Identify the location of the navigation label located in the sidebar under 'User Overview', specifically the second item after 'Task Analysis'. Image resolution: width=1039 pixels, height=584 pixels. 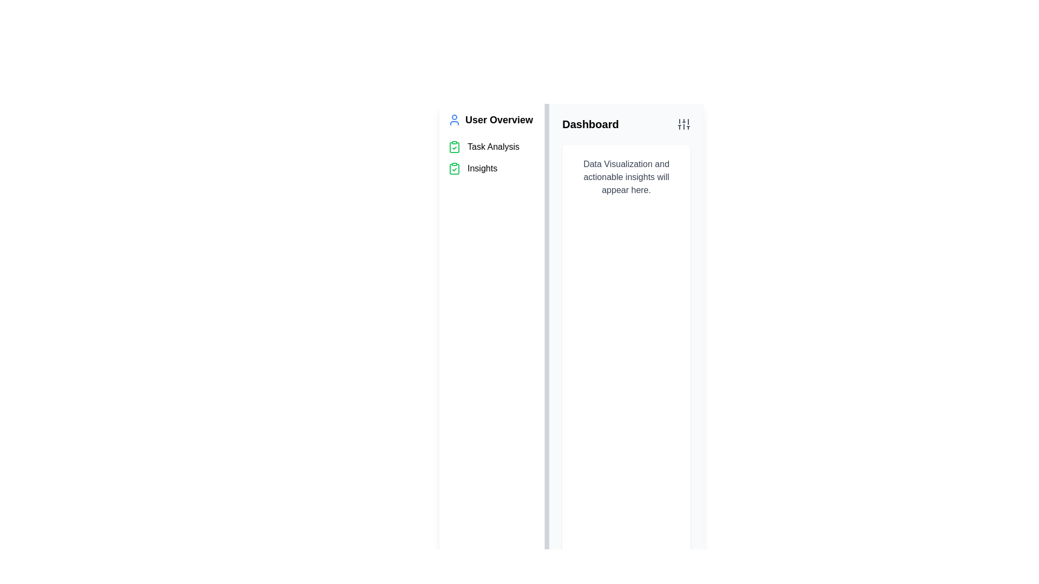
(491, 169).